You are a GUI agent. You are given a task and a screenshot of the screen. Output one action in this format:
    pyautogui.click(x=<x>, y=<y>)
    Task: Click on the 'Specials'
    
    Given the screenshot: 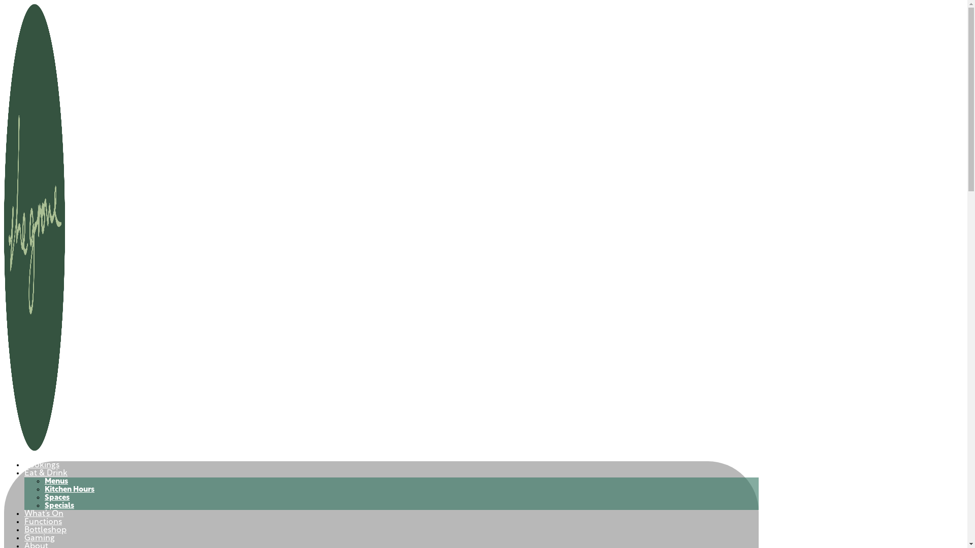 What is the action you would take?
    pyautogui.click(x=58, y=506)
    